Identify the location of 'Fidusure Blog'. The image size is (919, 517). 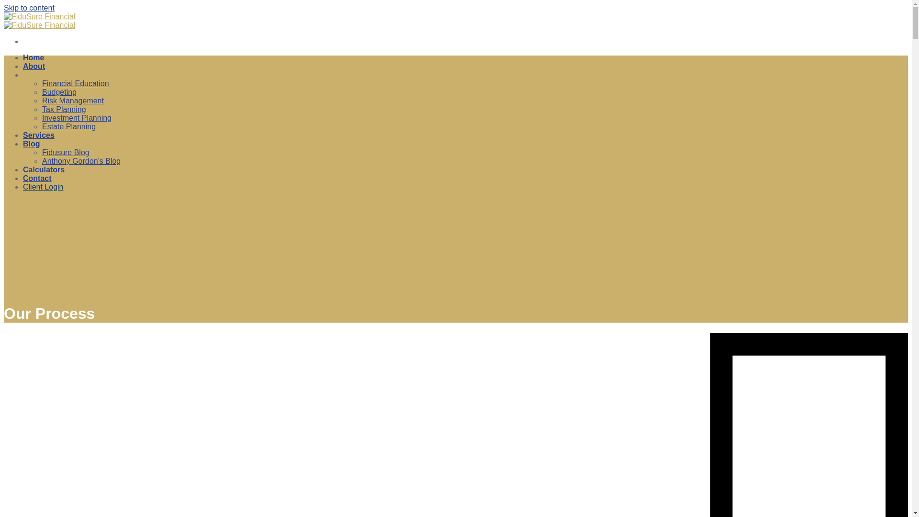
(65, 152).